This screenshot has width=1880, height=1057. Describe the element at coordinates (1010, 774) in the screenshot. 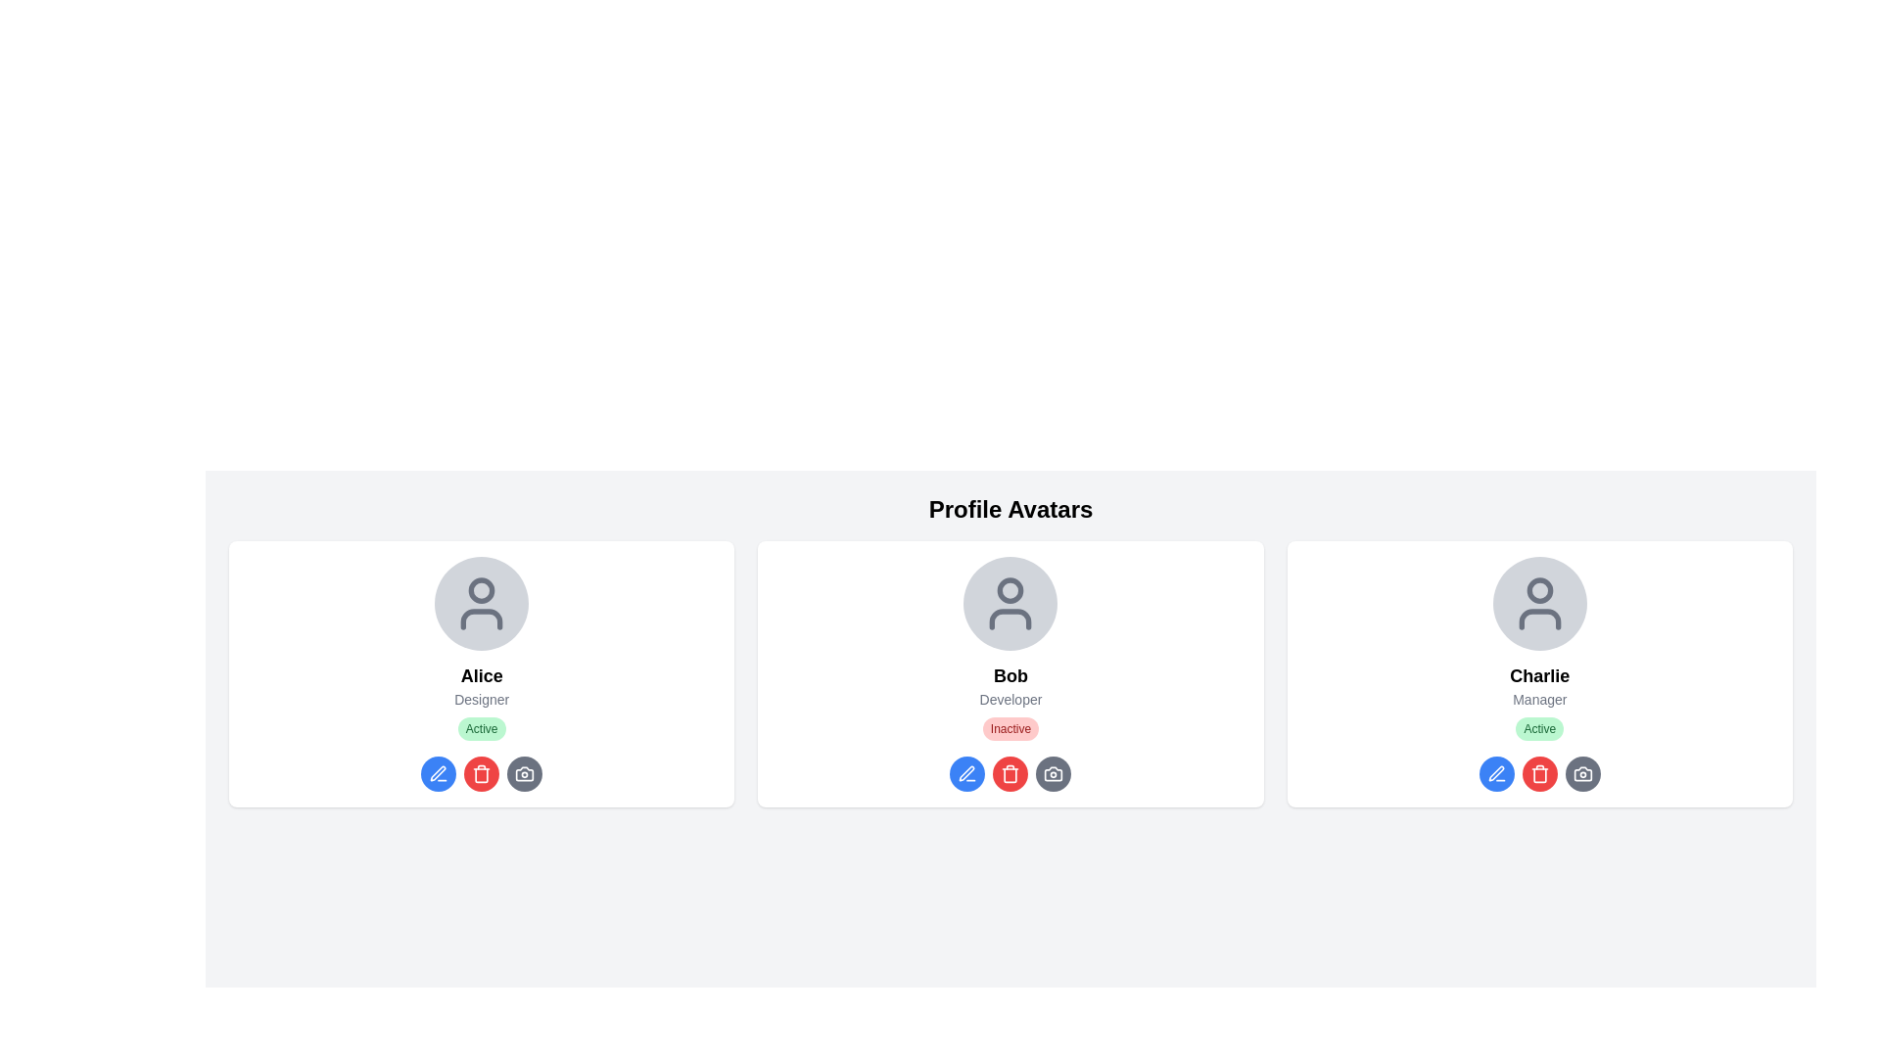

I see `the trash can icon located below the profile information for 'Bob', which serves as a button for deletion functionality` at that location.